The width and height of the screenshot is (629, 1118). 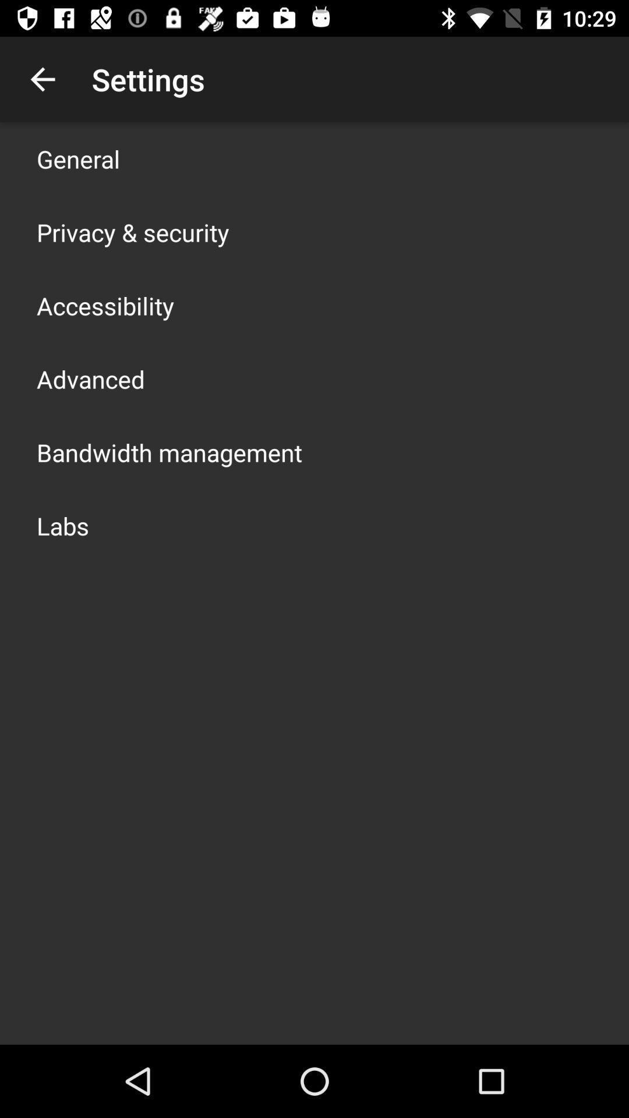 I want to click on the app next to the settings item, so click(x=42, y=79).